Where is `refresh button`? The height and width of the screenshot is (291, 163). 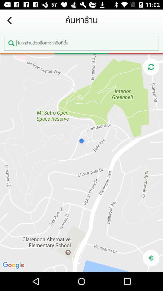 refresh button is located at coordinates (151, 67).